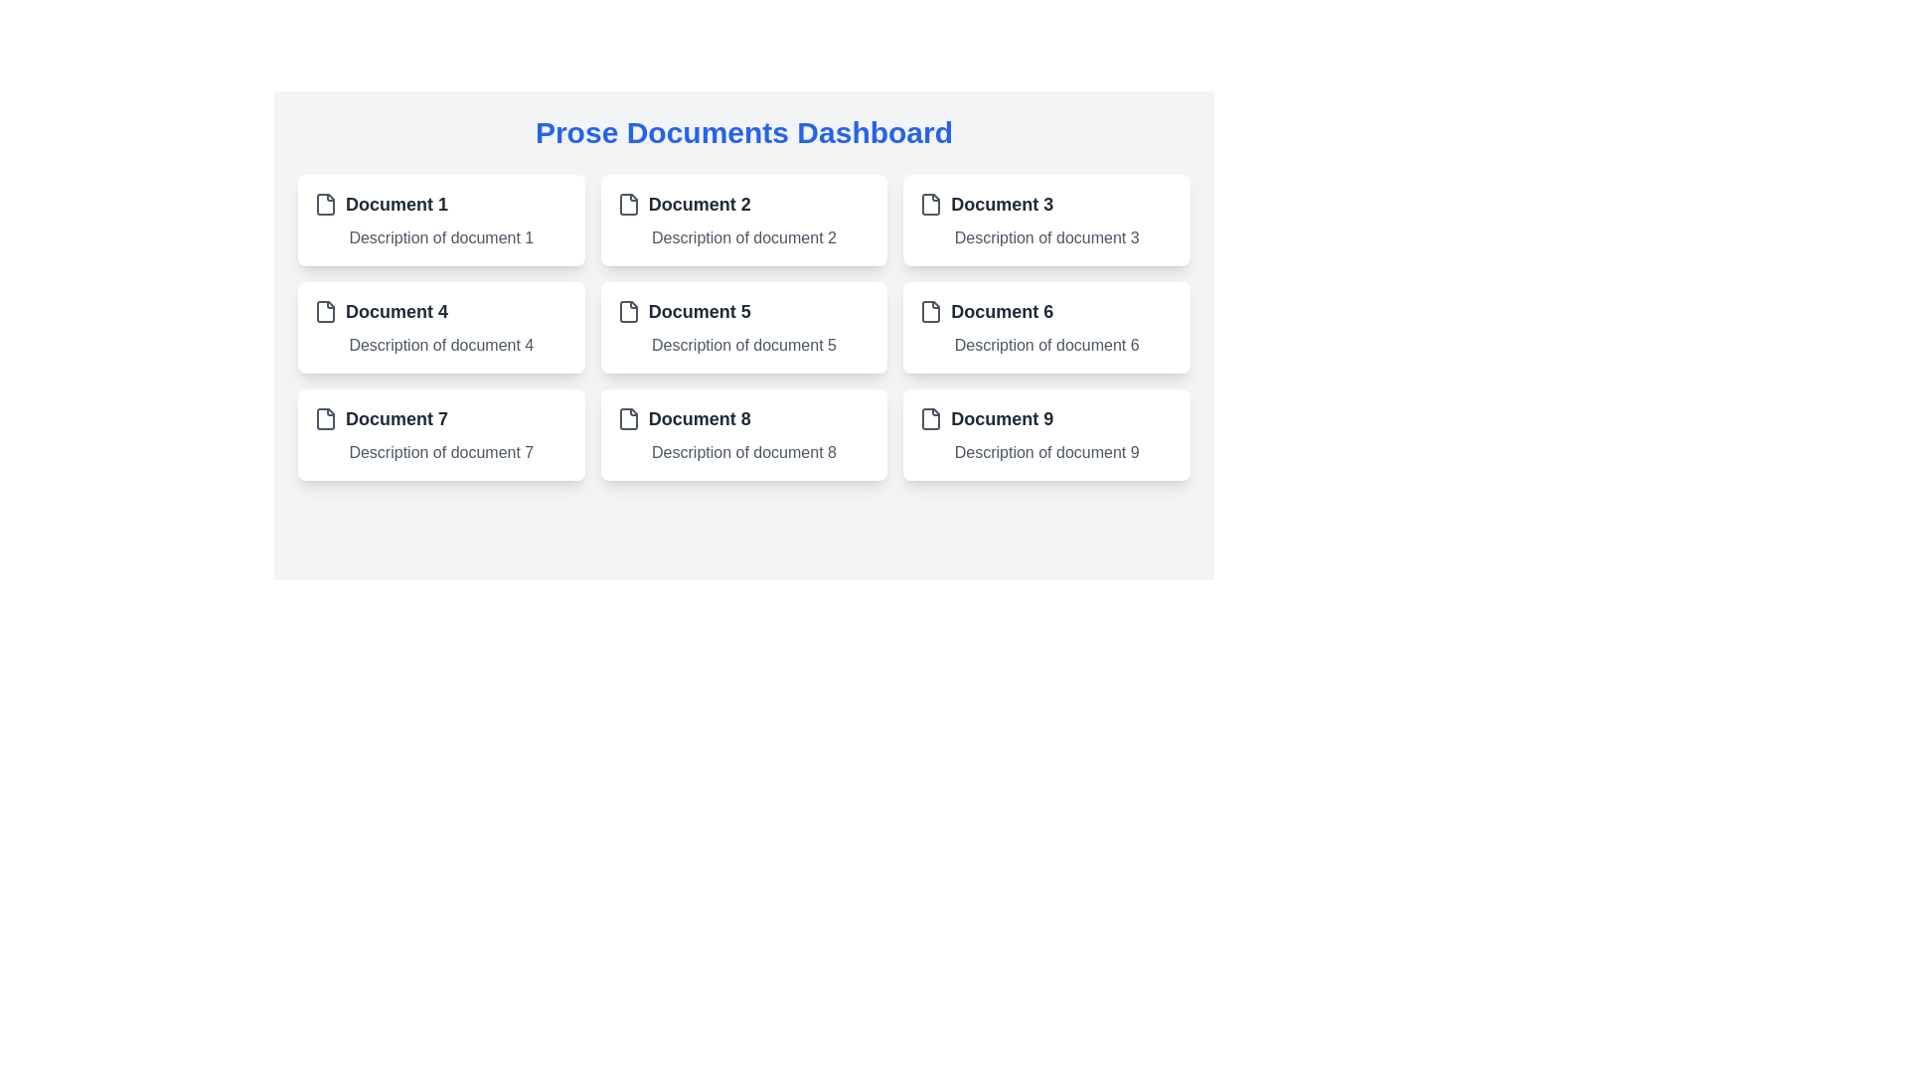 Image resolution: width=1908 pixels, height=1073 pixels. What do you see at coordinates (930, 311) in the screenshot?
I see `the document icon with a white background and gray outline located in the sixth document card, positioned to the left of the 'Document 6' label` at bounding box center [930, 311].